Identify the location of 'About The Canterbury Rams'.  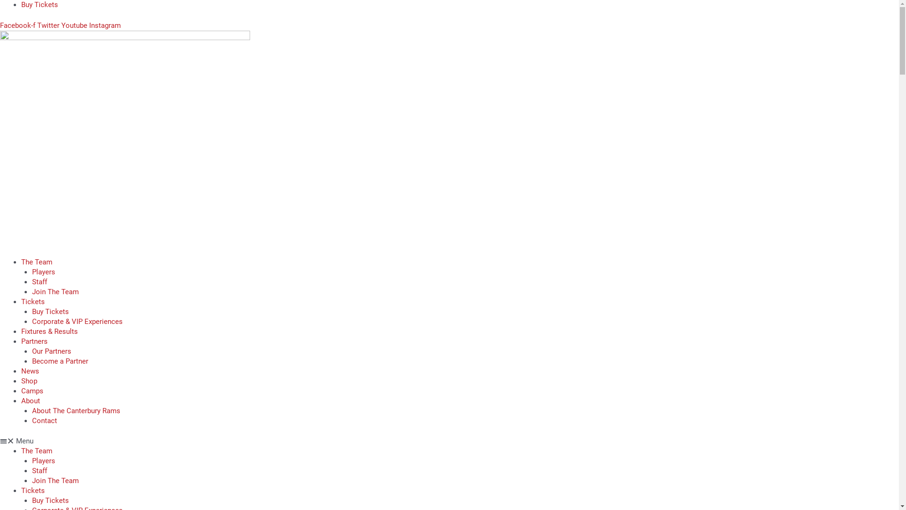
(32, 409).